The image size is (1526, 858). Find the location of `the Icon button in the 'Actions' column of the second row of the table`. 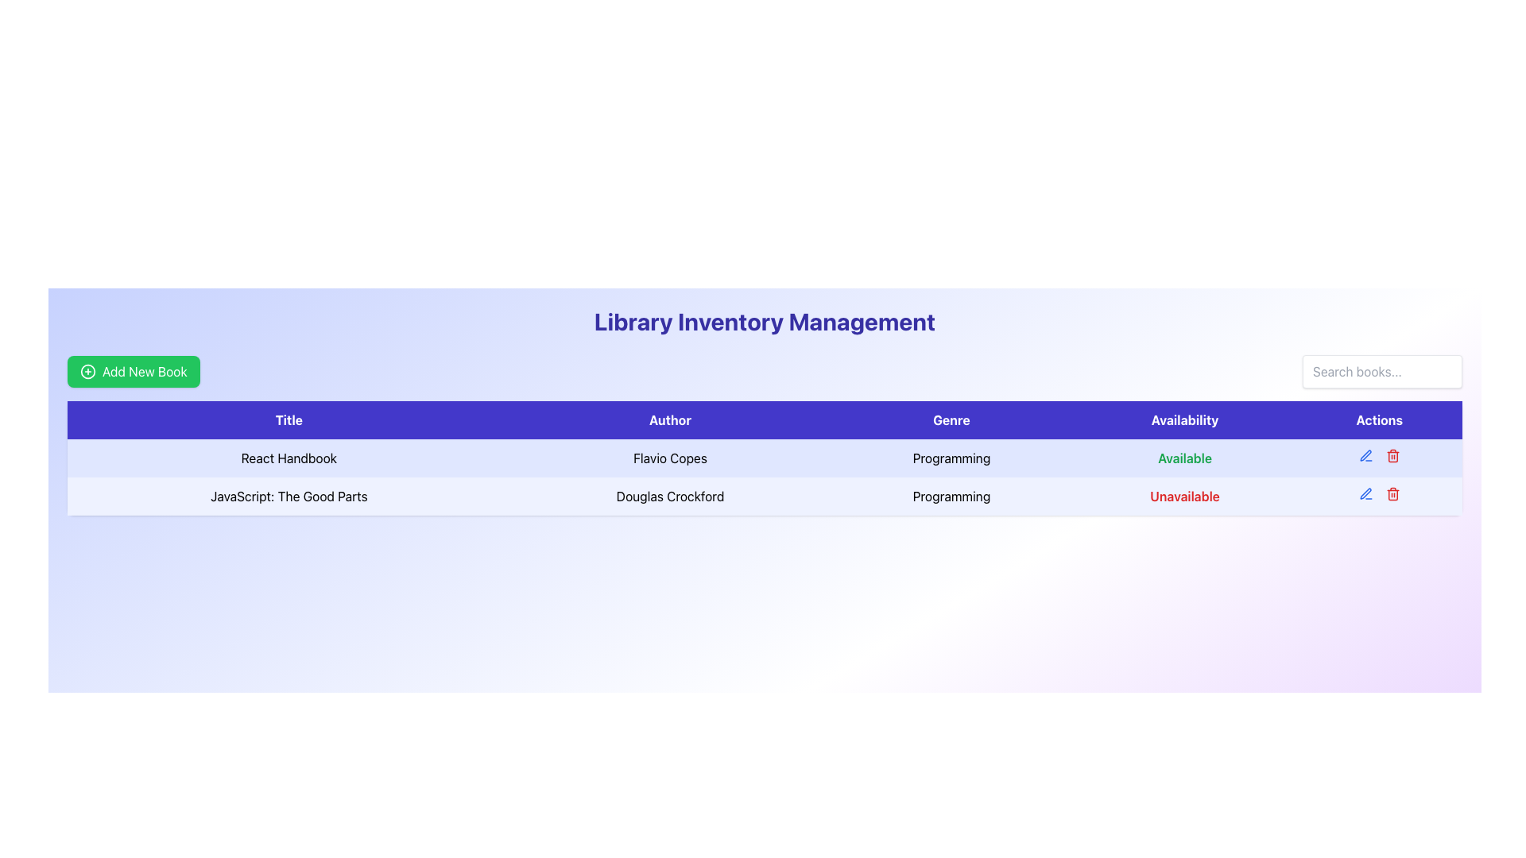

the Icon button in the 'Actions' column of the second row of the table is located at coordinates (1392, 456).